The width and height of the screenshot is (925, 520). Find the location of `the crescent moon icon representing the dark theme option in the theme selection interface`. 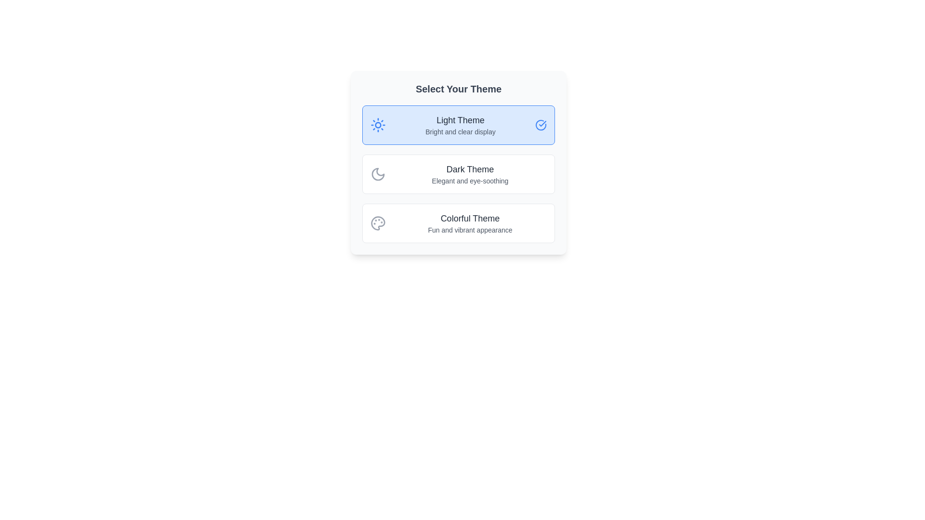

the crescent moon icon representing the dark theme option in the theme selection interface is located at coordinates (378, 174).